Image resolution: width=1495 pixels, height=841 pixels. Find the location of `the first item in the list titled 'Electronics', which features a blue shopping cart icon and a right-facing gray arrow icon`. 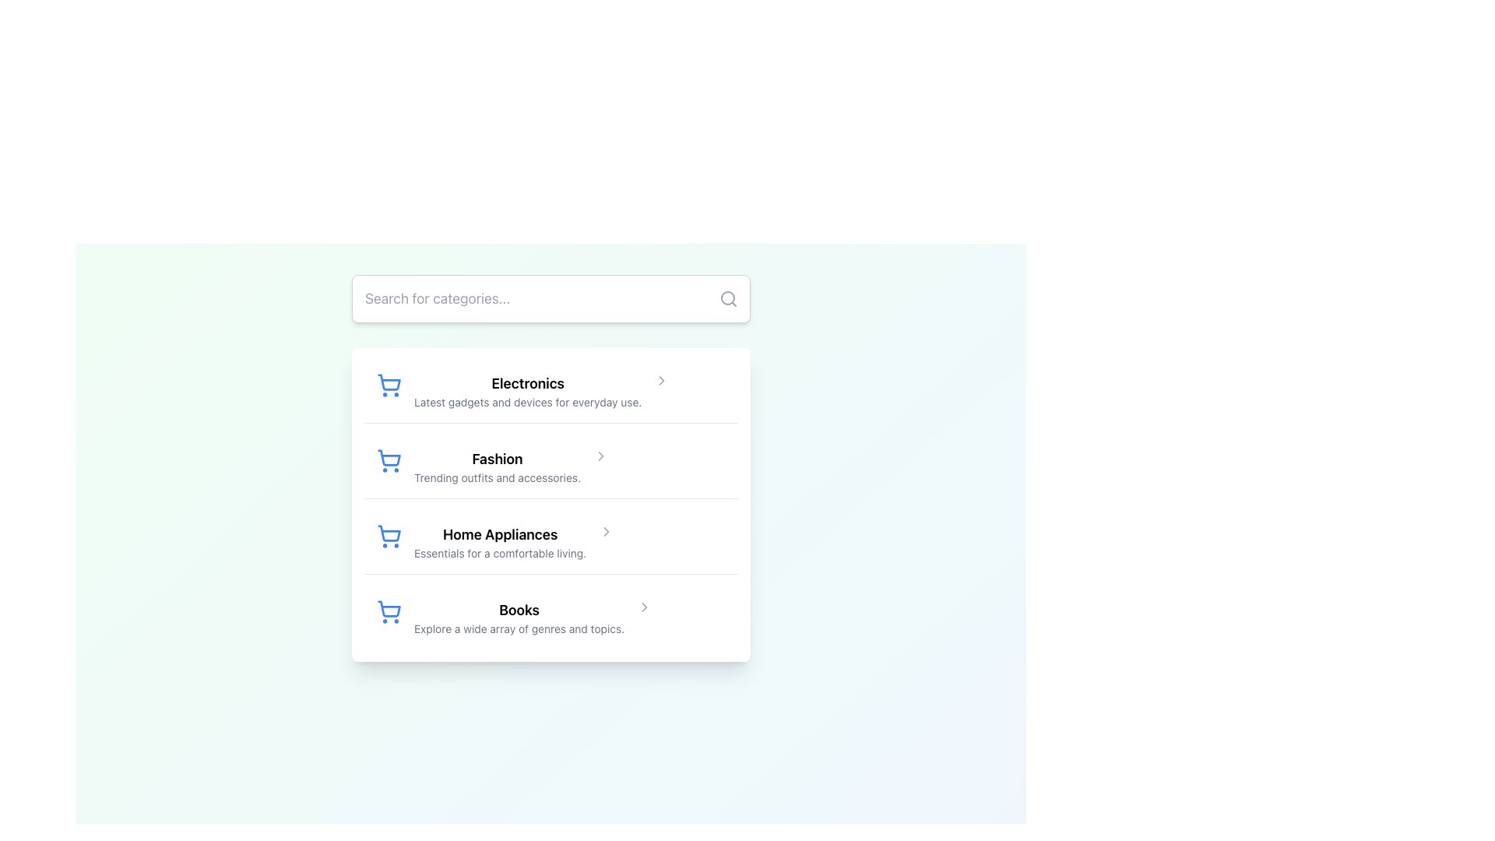

the first item in the list titled 'Electronics', which features a blue shopping cart icon and a right-facing gray arrow icon is located at coordinates (551, 390).